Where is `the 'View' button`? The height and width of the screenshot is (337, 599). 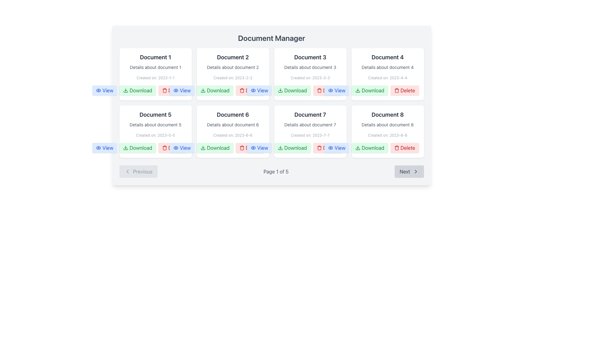 the 'View' button is located at coordinates (259, 90).